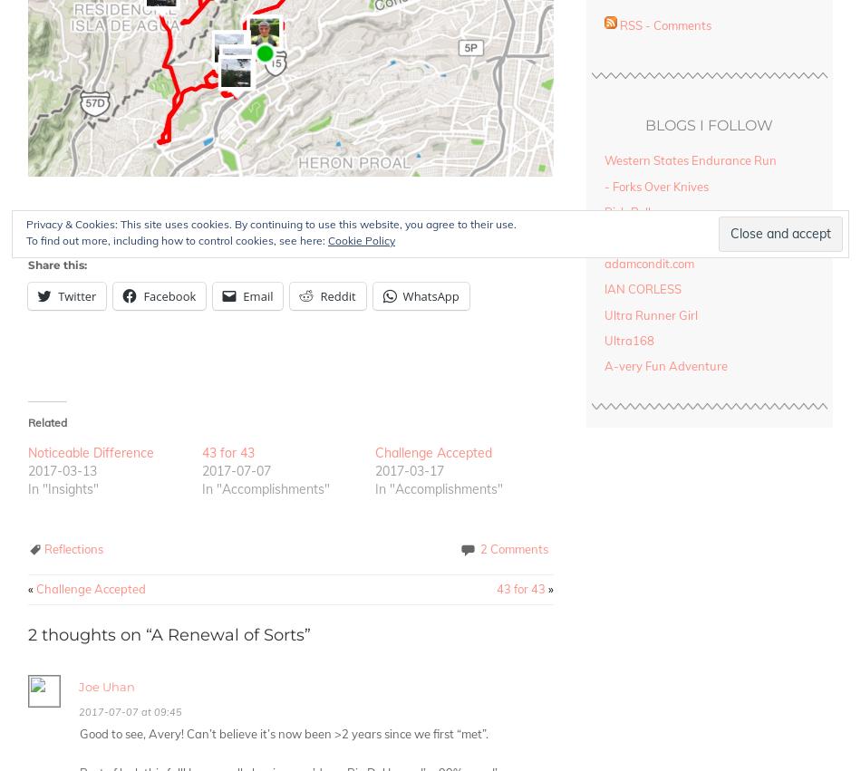  I want to click on 'Share this:', so click(57, 264).